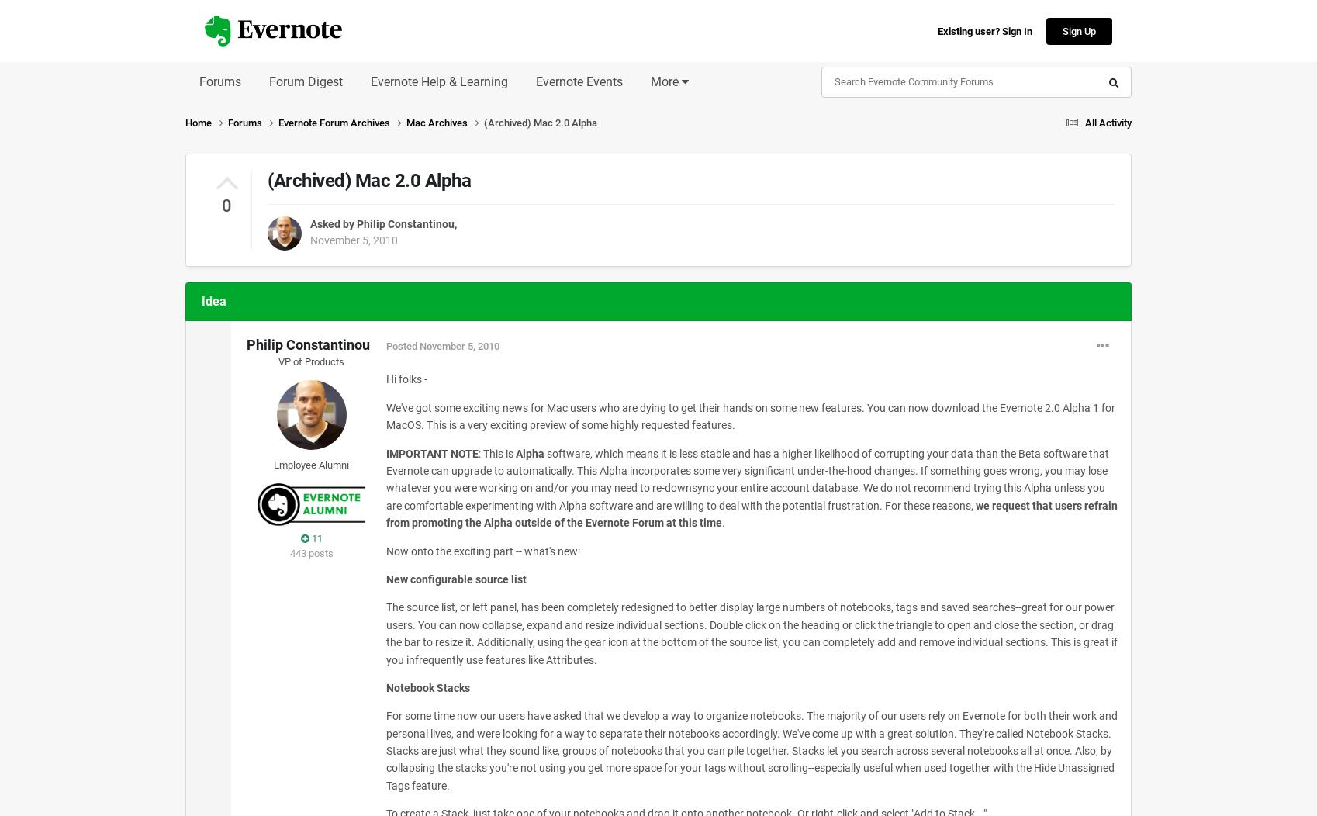 Image resolution: width=1317 pixels, height=816 pixels. I want to click on 'Notebook Stacks', so click(385, 686).